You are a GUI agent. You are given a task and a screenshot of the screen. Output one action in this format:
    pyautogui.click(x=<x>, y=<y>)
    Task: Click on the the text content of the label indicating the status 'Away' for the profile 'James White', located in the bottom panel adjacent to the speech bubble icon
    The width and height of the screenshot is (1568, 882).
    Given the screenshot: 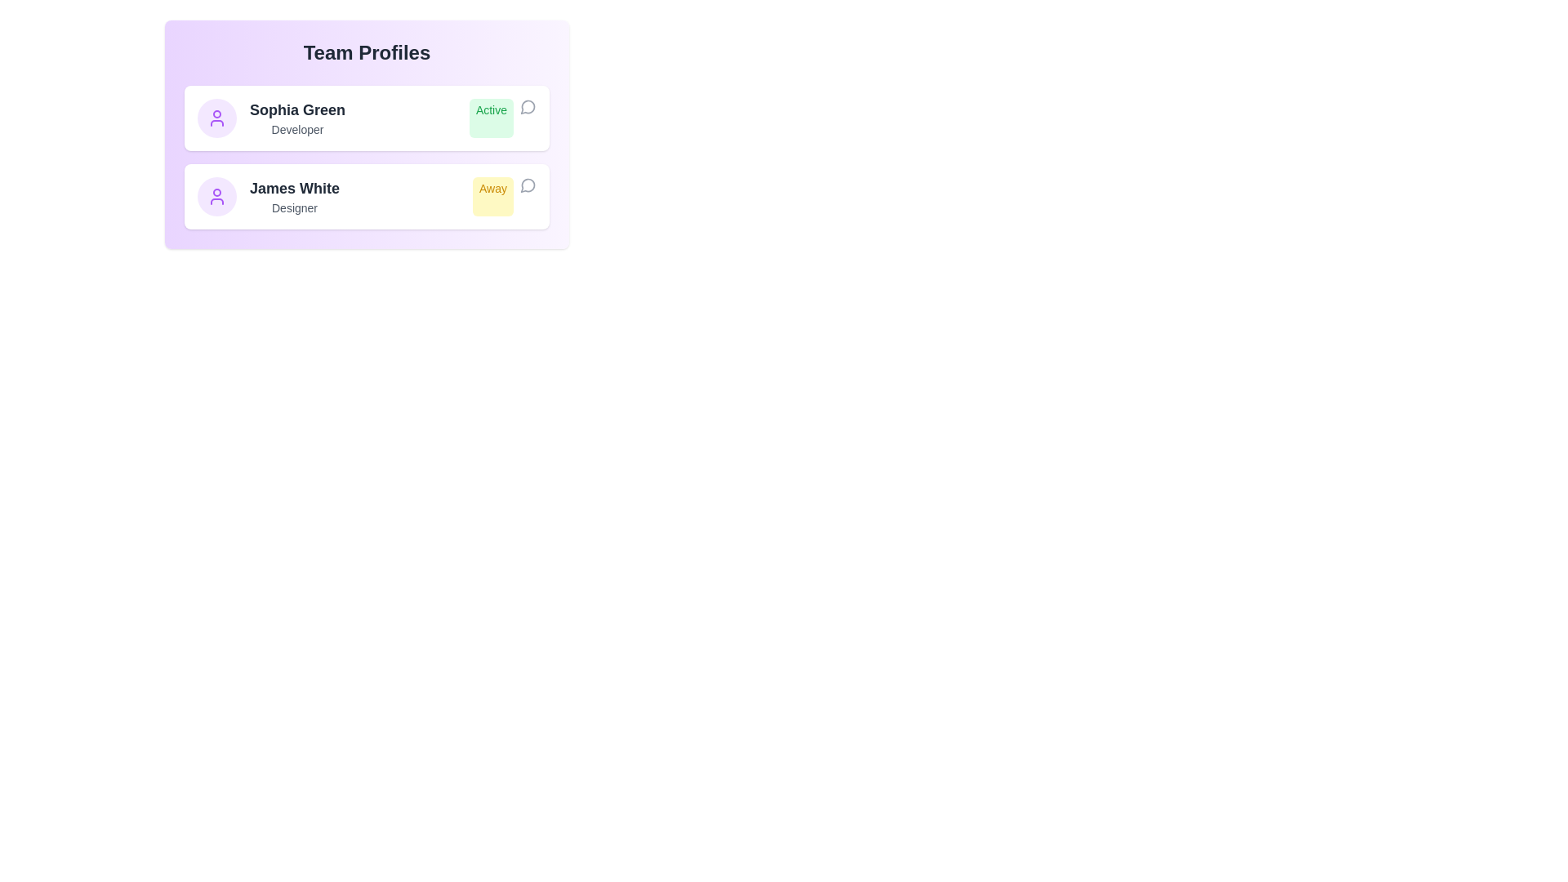 What is the action you would take?
    pyautogui.click(x=504, y=195)
    